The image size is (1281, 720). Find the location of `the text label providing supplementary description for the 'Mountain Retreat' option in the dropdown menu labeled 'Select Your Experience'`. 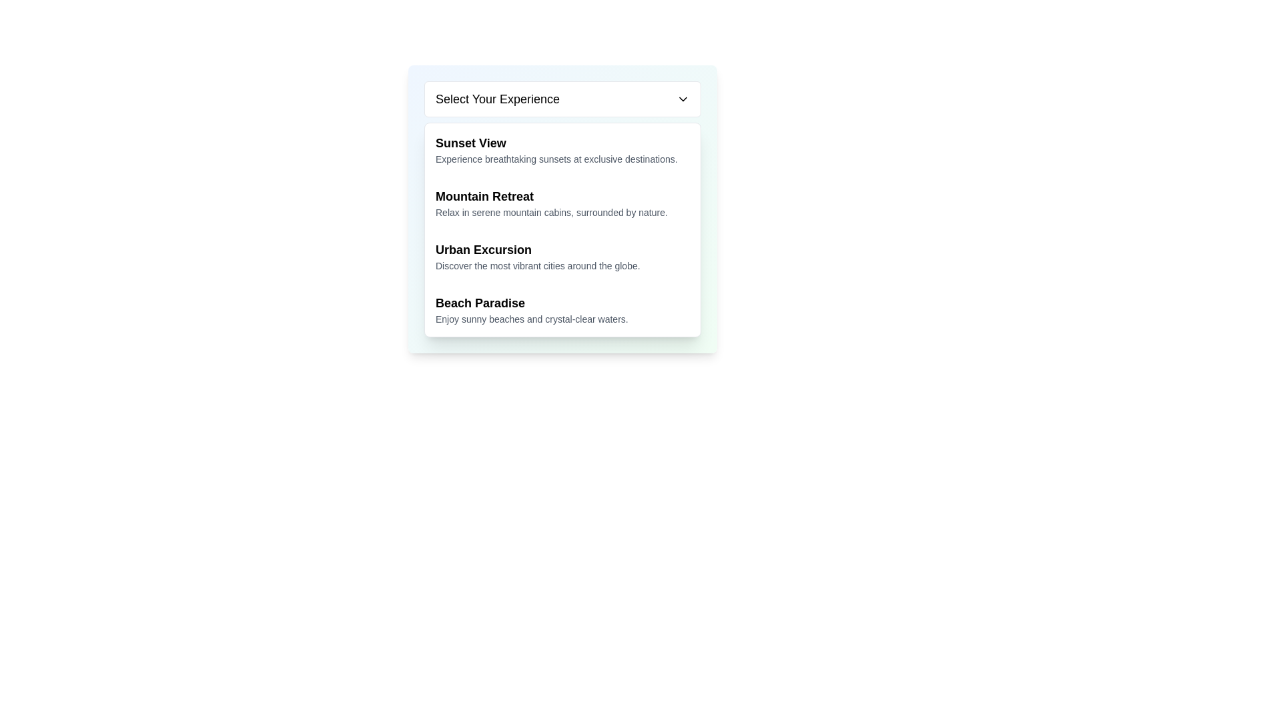

the text label providing supplementary description for the 'Mountain Retreat' option in the dropdown menu labeled 'Select Your Experience' is located at coordinates (562, 212).